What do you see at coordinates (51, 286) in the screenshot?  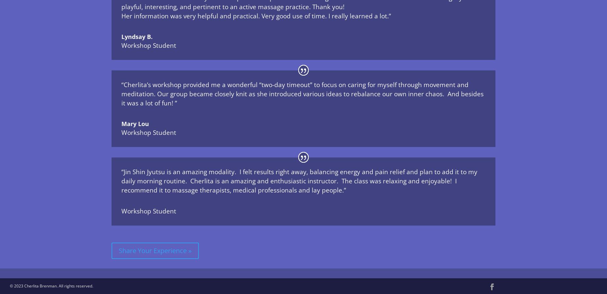 I see `'© 2023 
Cherlita Brenman. All rights reserved.'` at bounding box center [51, 286].